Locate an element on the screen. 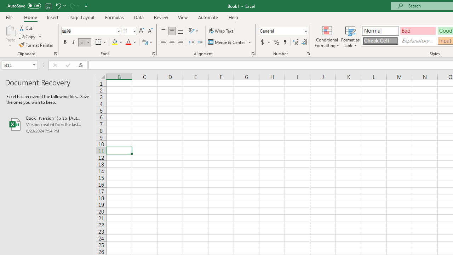 This screenshot has width=453, height=255. 'Book1 (version 1).xlsb  [AutoRecovered]' is located at coordinates (48, 124).